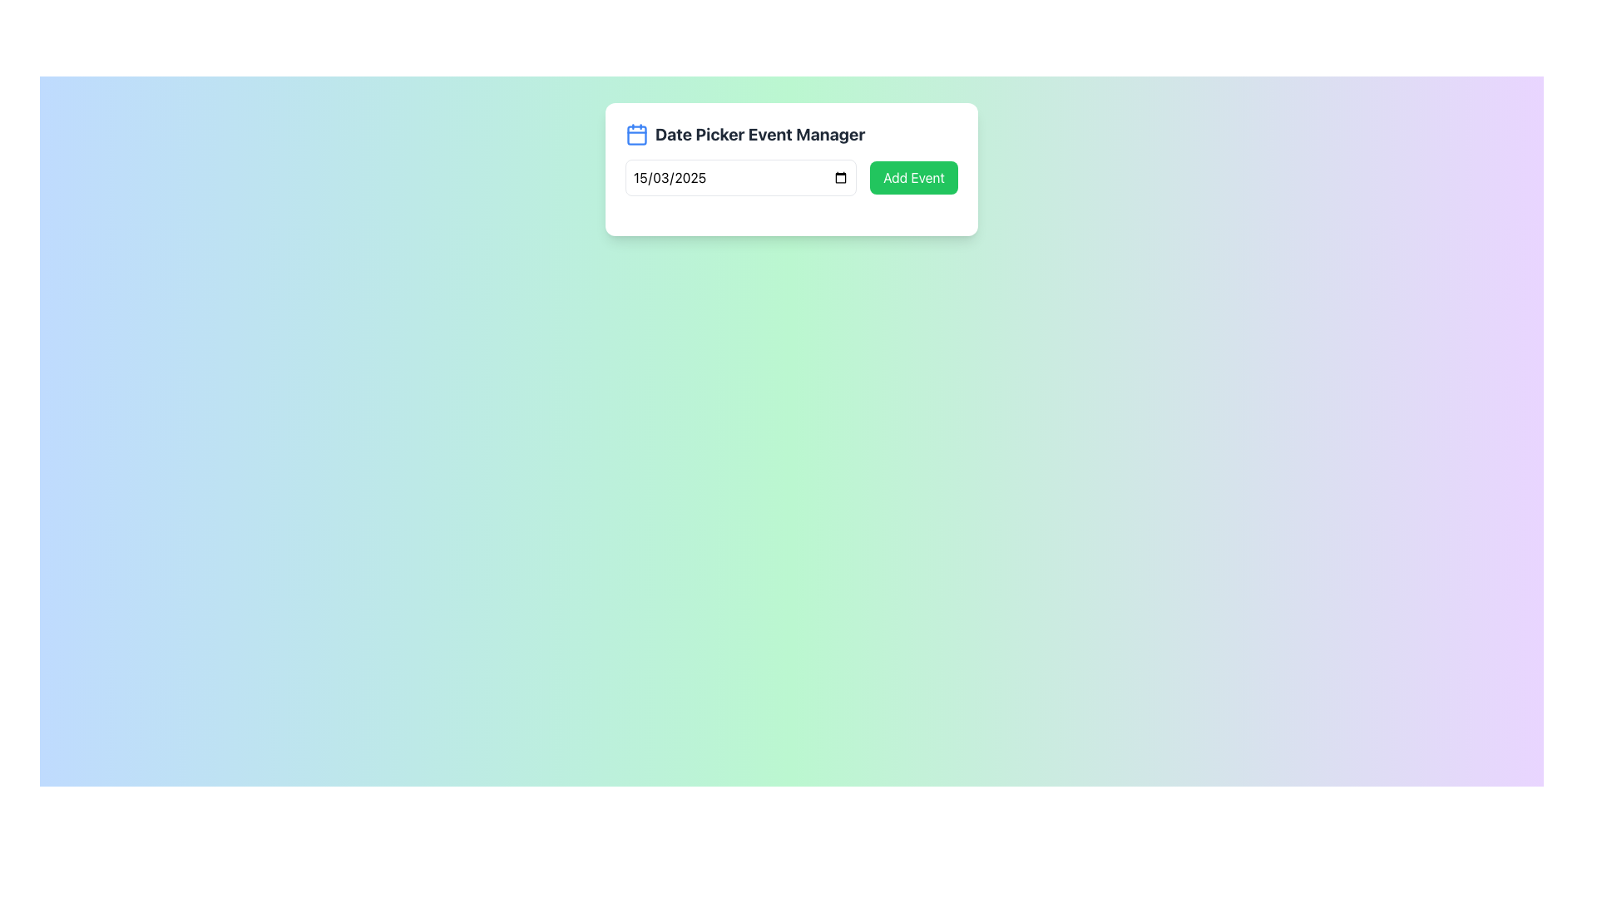 The width and height of the screenshot is (1597, 898). Describe the element at coordinates (636, 134) in the screenshot. I see `the calendar icon located at the far left of the header in the 'Date Picker Event Manager'` at that location.